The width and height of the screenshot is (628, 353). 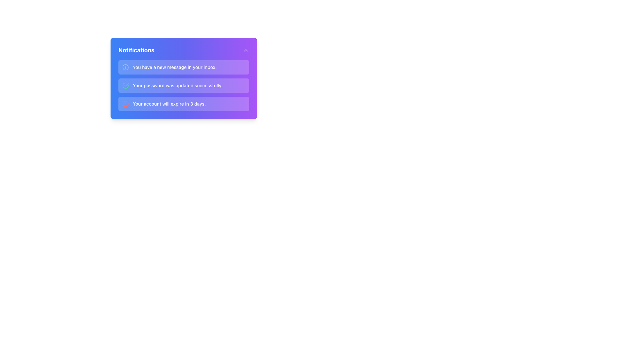 I want to click on the toggle button located to the far right of the header area of the notifications section, so click(x=246, y=50).